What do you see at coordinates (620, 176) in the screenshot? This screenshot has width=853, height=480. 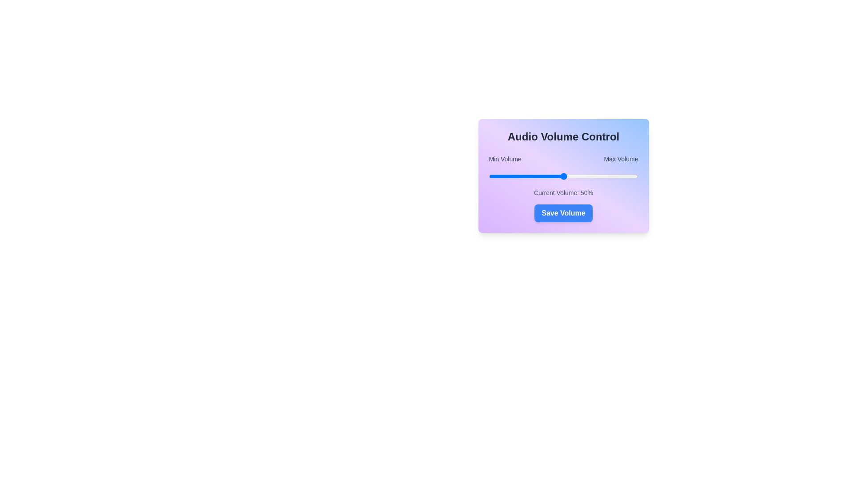 I see `the volume slider to set the volume to 88%` at bounding box center [620, 176].